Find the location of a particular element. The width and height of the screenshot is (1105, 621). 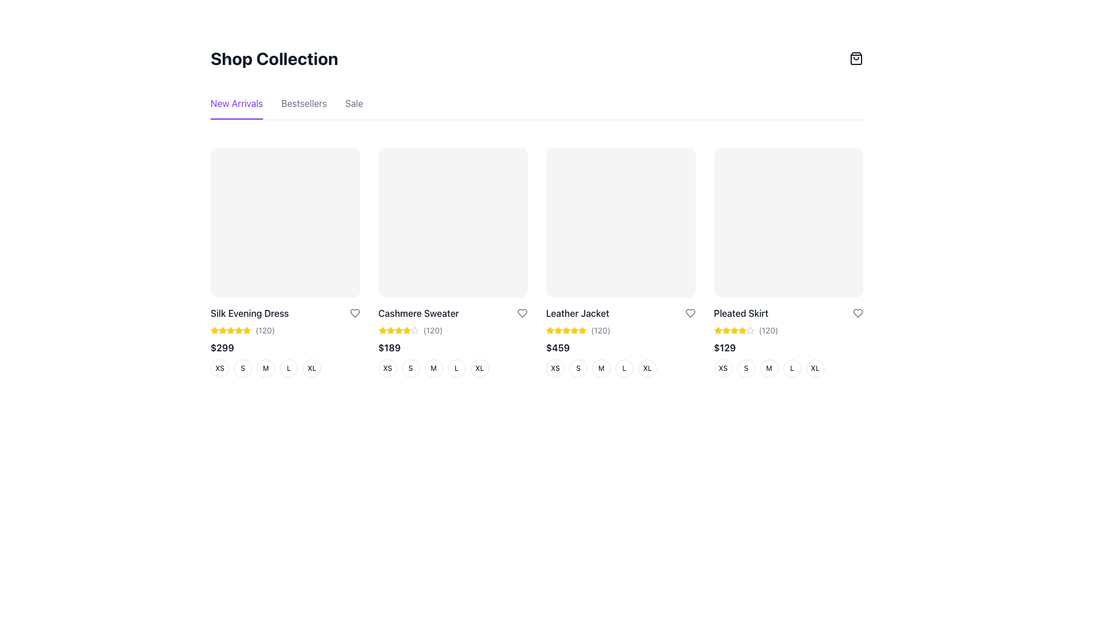

text label displaying the number '(120)' in a small gray font style, which indicates the rating count for the 'Leather Jacket' product, located below the product name and above the price is located at coordinates (600, 330).